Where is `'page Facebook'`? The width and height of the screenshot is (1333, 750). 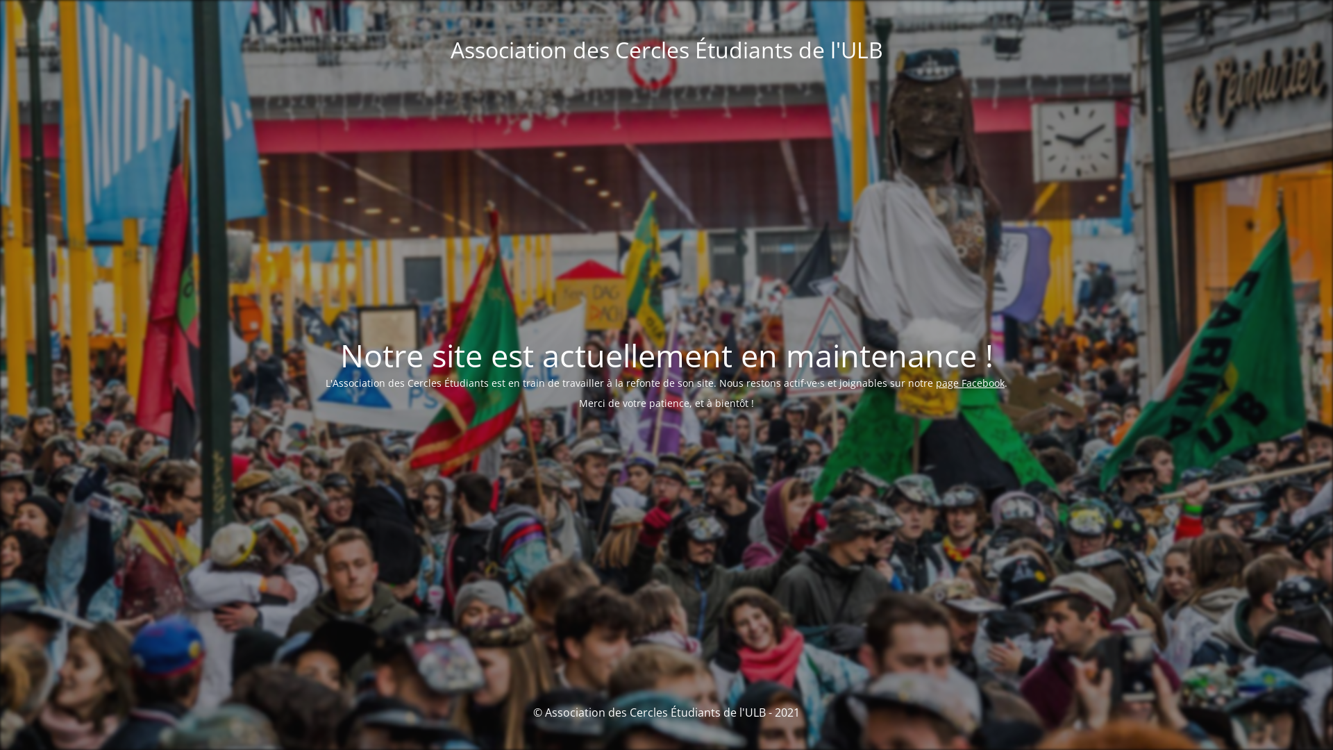 'page Facebook' is located at coordinates (969, 383).